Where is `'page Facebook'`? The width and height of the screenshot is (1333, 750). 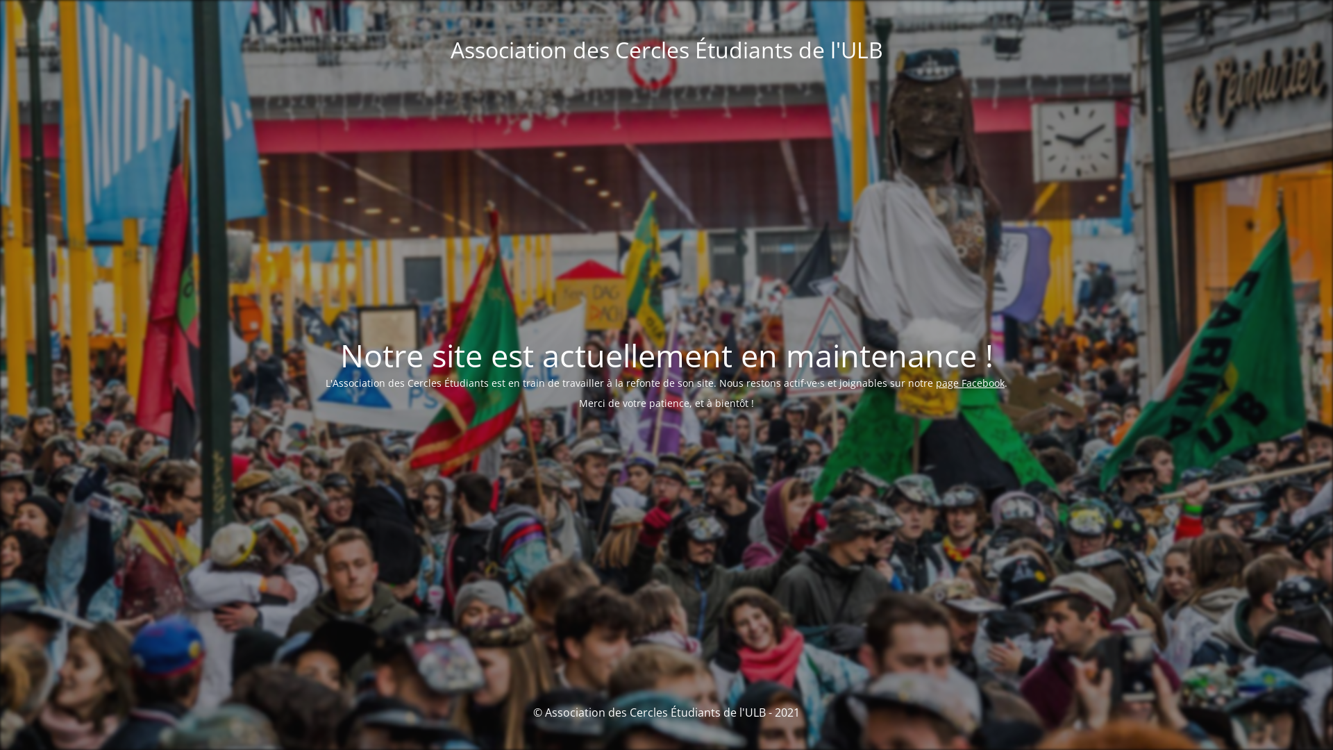 'page Facebook' is located at coordinates (969, 383).